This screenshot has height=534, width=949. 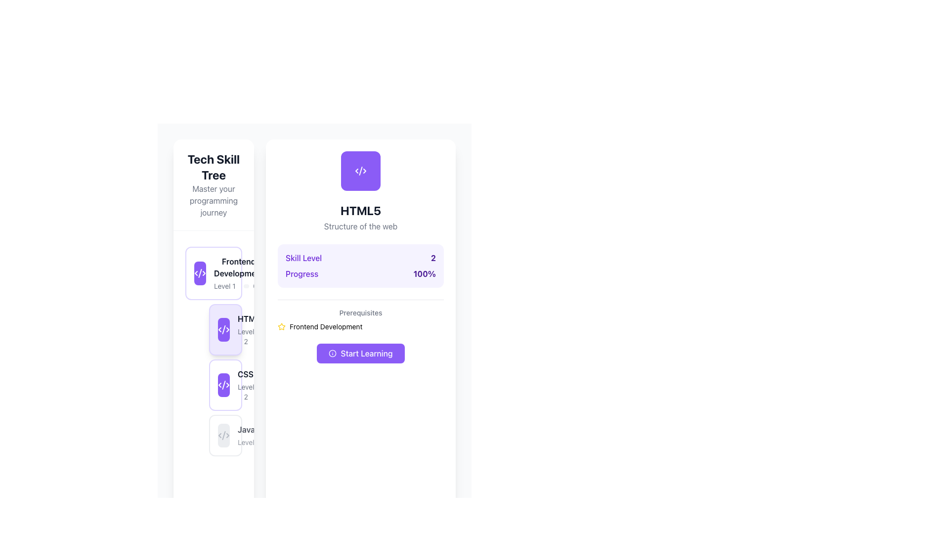 What do you see at coordinates (360, 171) in the screenshot?
I see `the decorative icon button representing the HTML5 section located at the top-center of the card, above the text 'HTML5' and 'Structure of the web'` at bounding box center [360, 171].